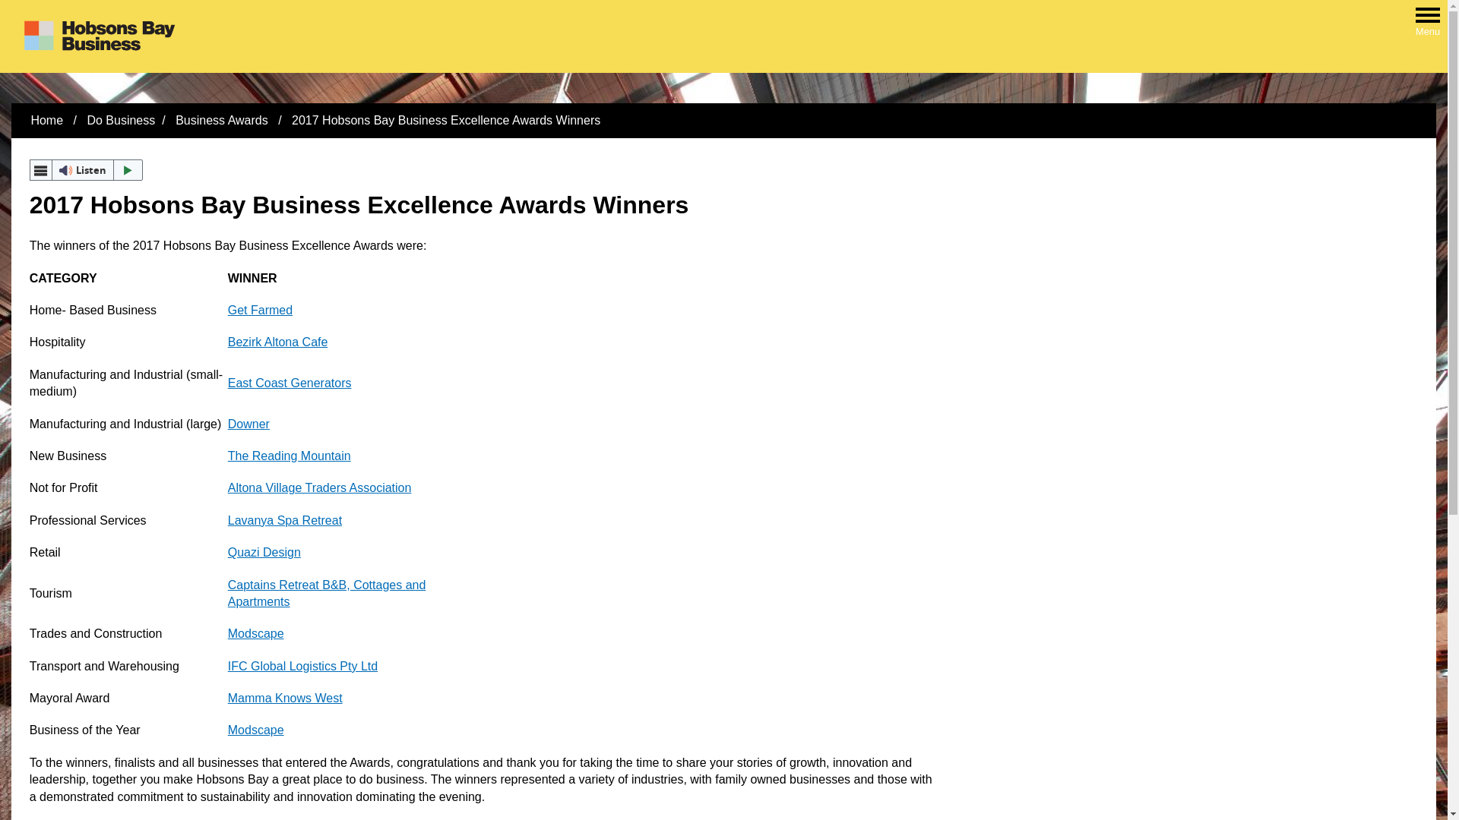 The image size is (1459, 820). I want to click on 'Lavanya Spa Retreat', so click(284, 519).